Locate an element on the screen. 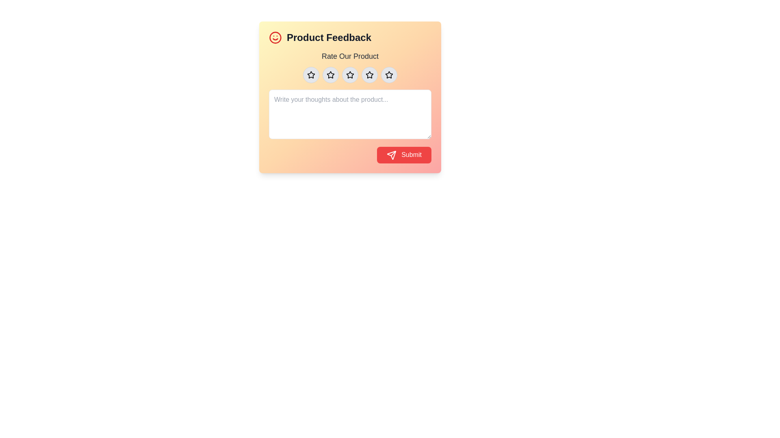  the circular rating button with a black star icon, which is the second button from the left in the group of five, located below the 'Rate Our Product' heading is located at coordinates (331, 75).